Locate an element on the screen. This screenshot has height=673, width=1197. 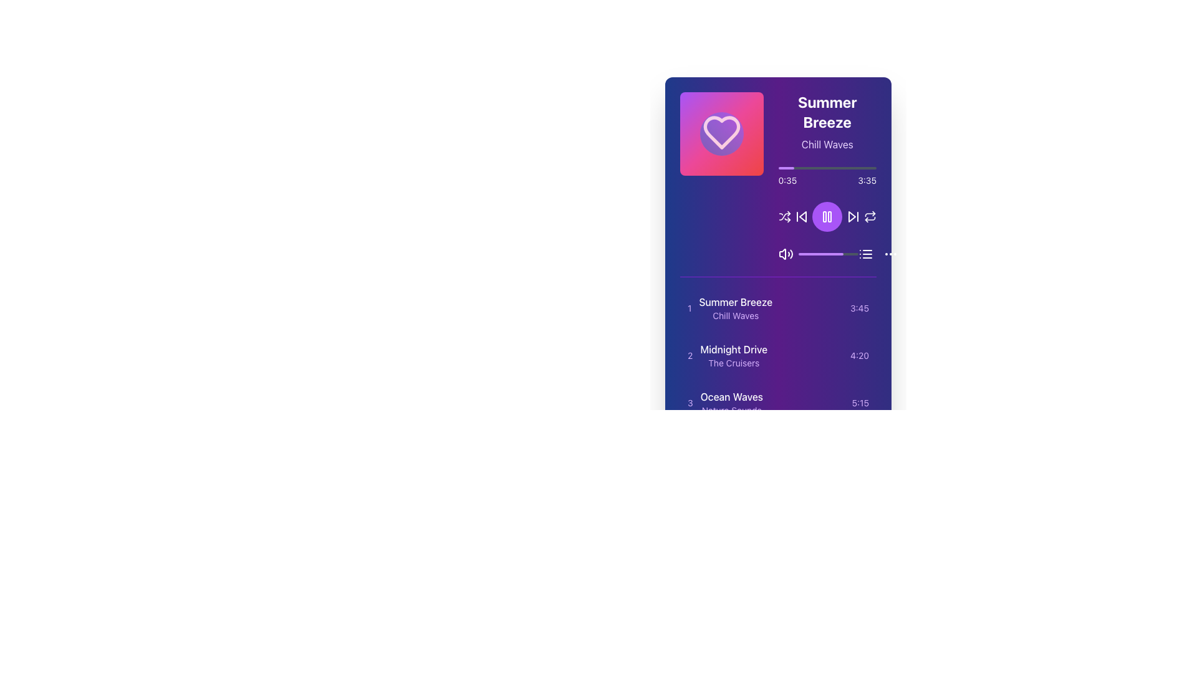
the Menu or List Icon located in the lower middle section of the music player interface is located at coordinates (877, 254).